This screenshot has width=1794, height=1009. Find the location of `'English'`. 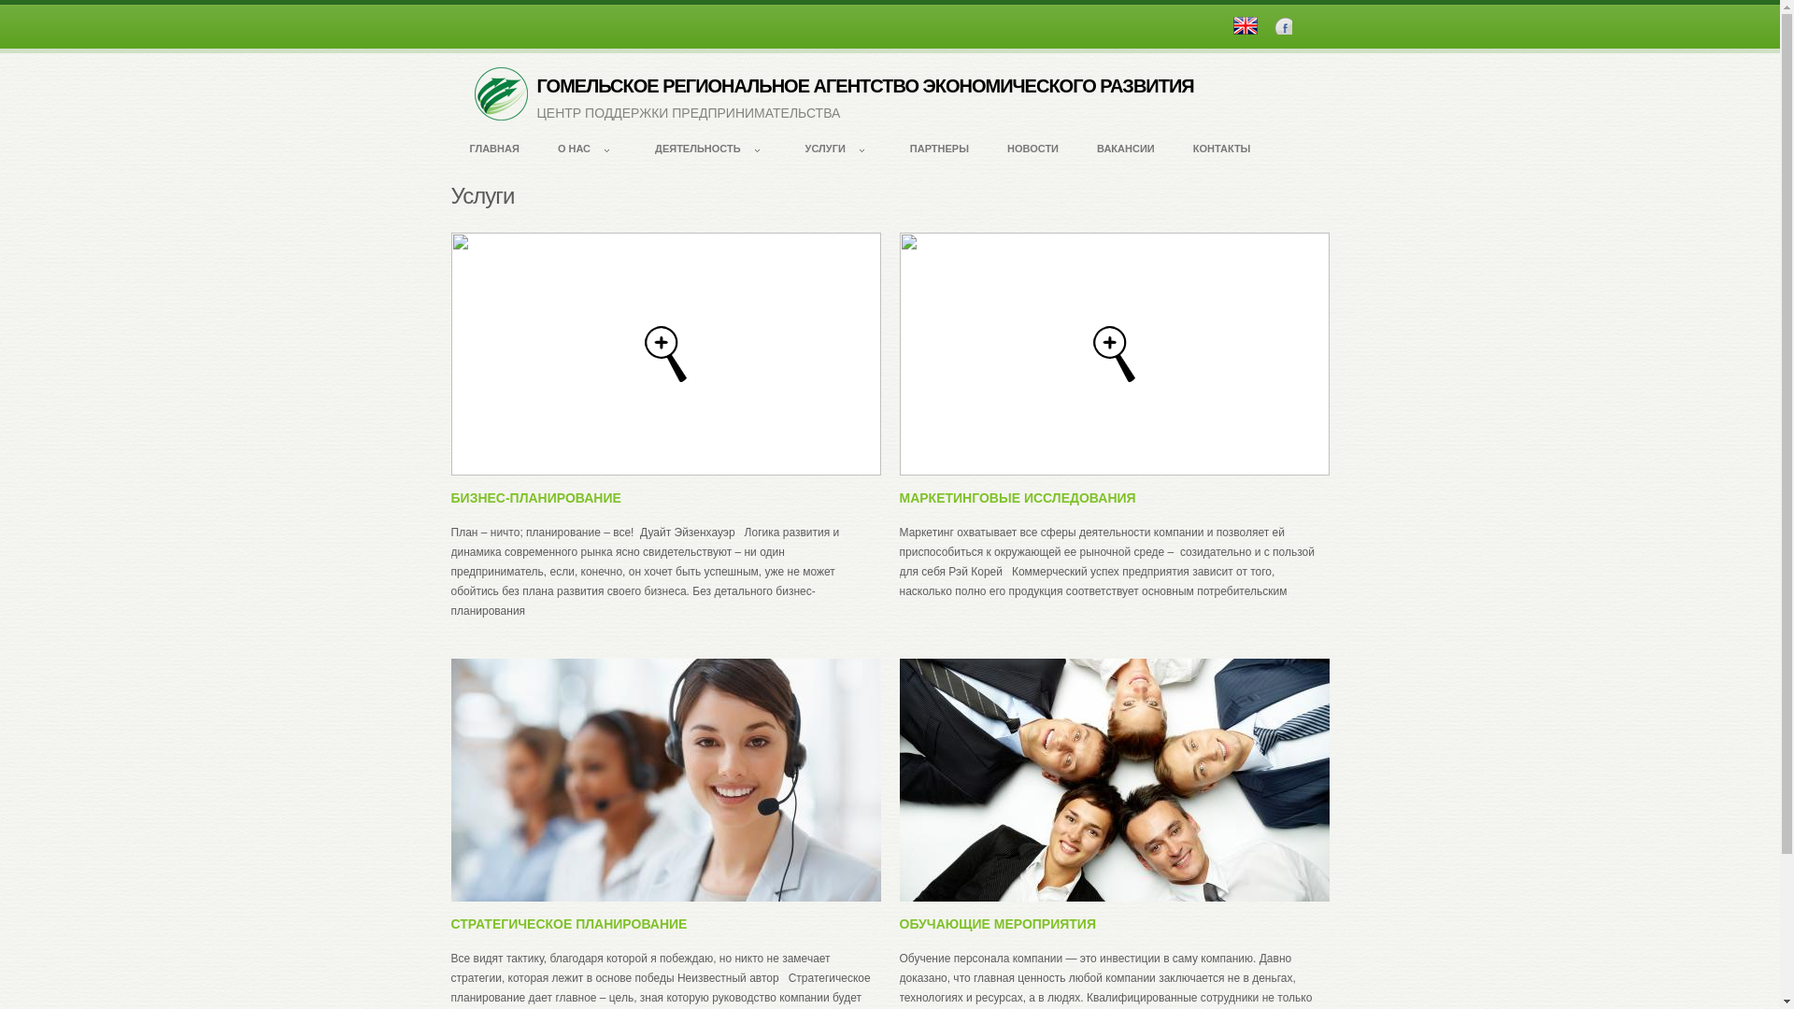

'English' is located at coordinates (1246, 25).